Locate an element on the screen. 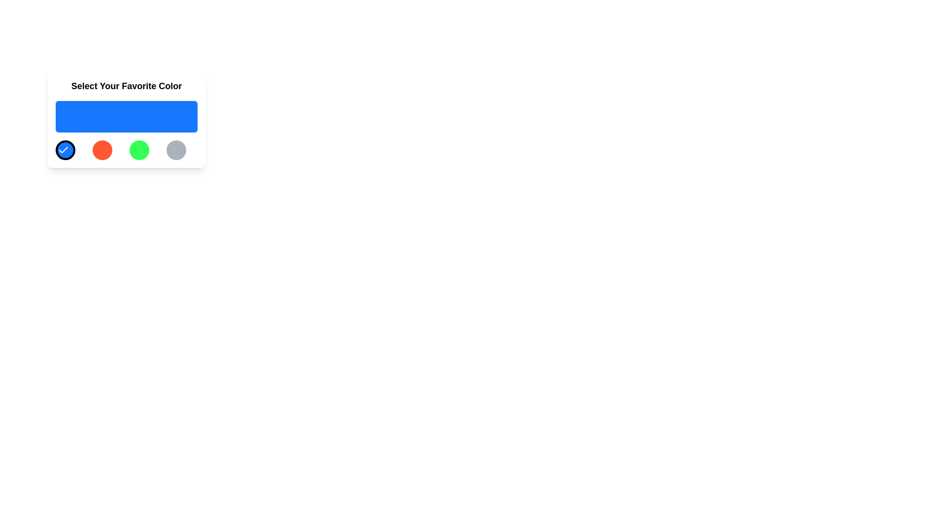  the vibrant green circular button located in the third position of a horizontal grid layout, between a red button on the left and a gray button on the right is located at coordinates (139, 150).